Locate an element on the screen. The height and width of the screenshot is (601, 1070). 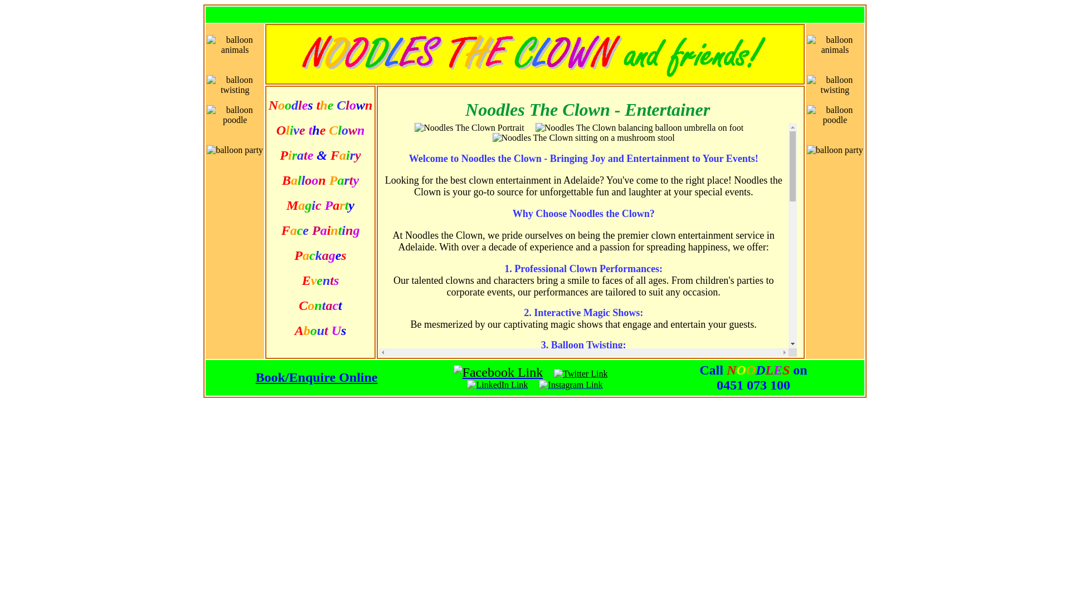
'Packages' is located at coordinates (319, 257).